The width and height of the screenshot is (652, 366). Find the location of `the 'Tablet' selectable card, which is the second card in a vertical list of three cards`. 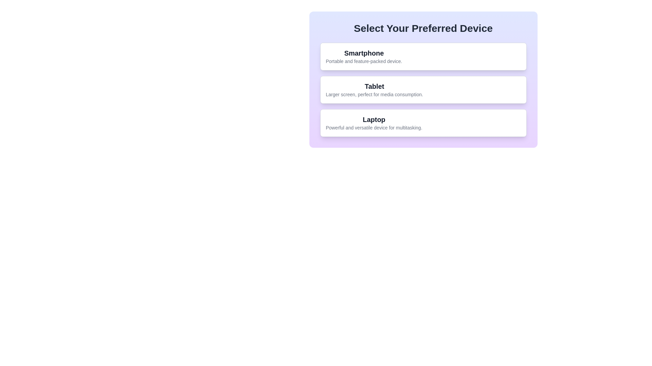

the 'Tablet' selectable card, which is the second card in a vertical list of three cards is located at coordinates (423, 89).